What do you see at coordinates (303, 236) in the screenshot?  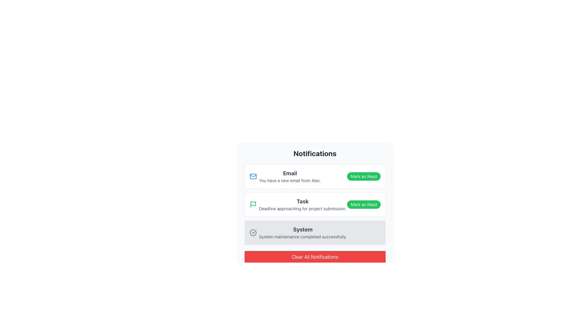 I see `the static text display that shows the message 'System maintenance completed successfully.' located in the third notification card below the title 'System.'` at bounding box center [303, 236].